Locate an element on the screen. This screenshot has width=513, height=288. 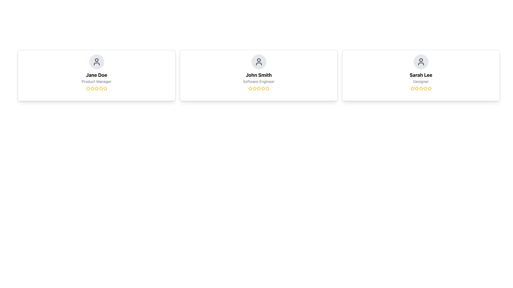
the third star icon in the rating system within the 'John Smith' profile card is located at coordinates (267, 88).